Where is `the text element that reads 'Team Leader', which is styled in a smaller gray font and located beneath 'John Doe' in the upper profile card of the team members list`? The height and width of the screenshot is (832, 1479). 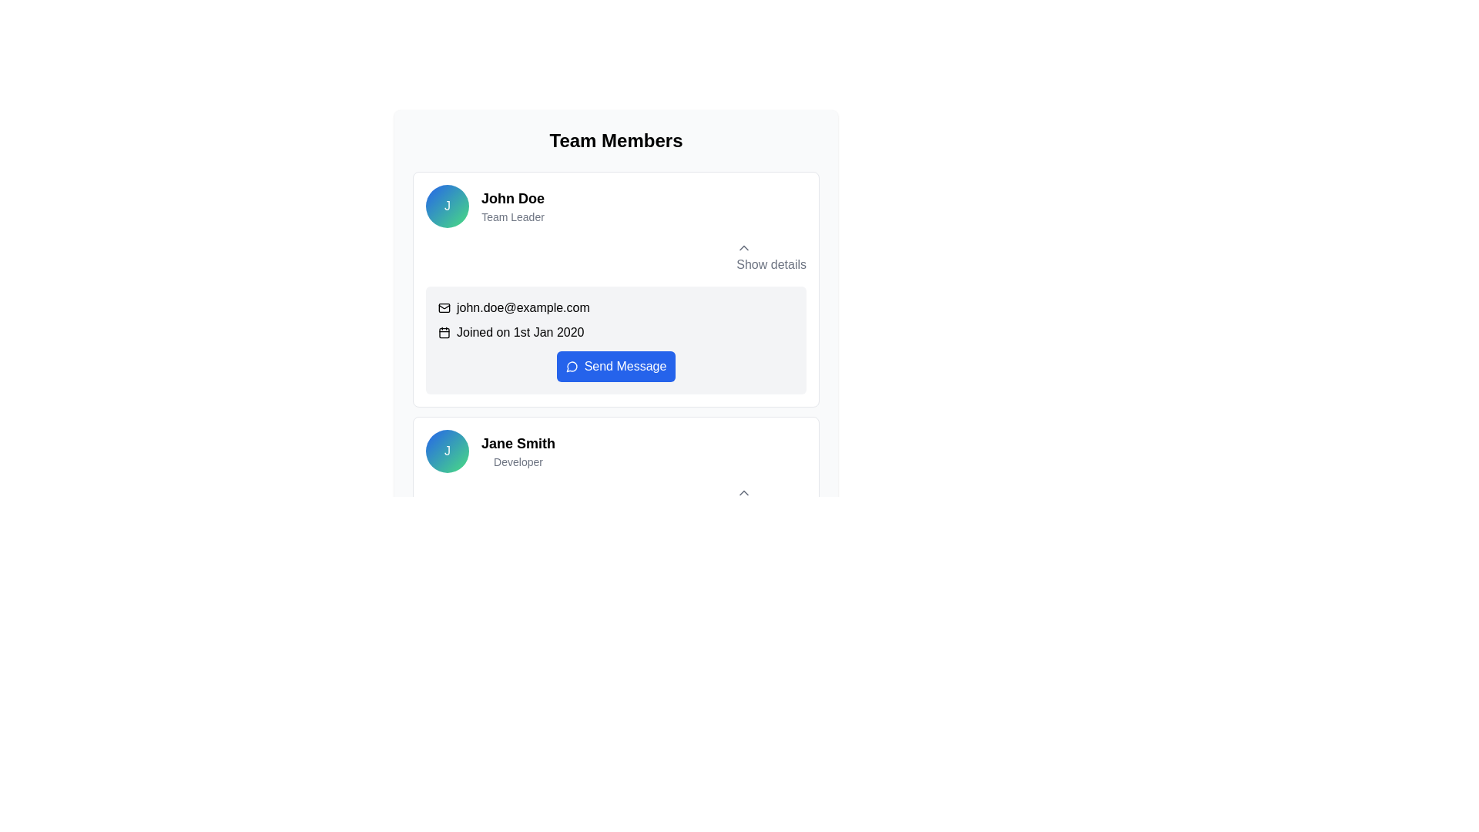 the text element that reads 'Team Leader', which is styled in a smaller gray font and located beneath 'John Doe' in the upper profile card of the team members list is located at coordinates (513, 216).